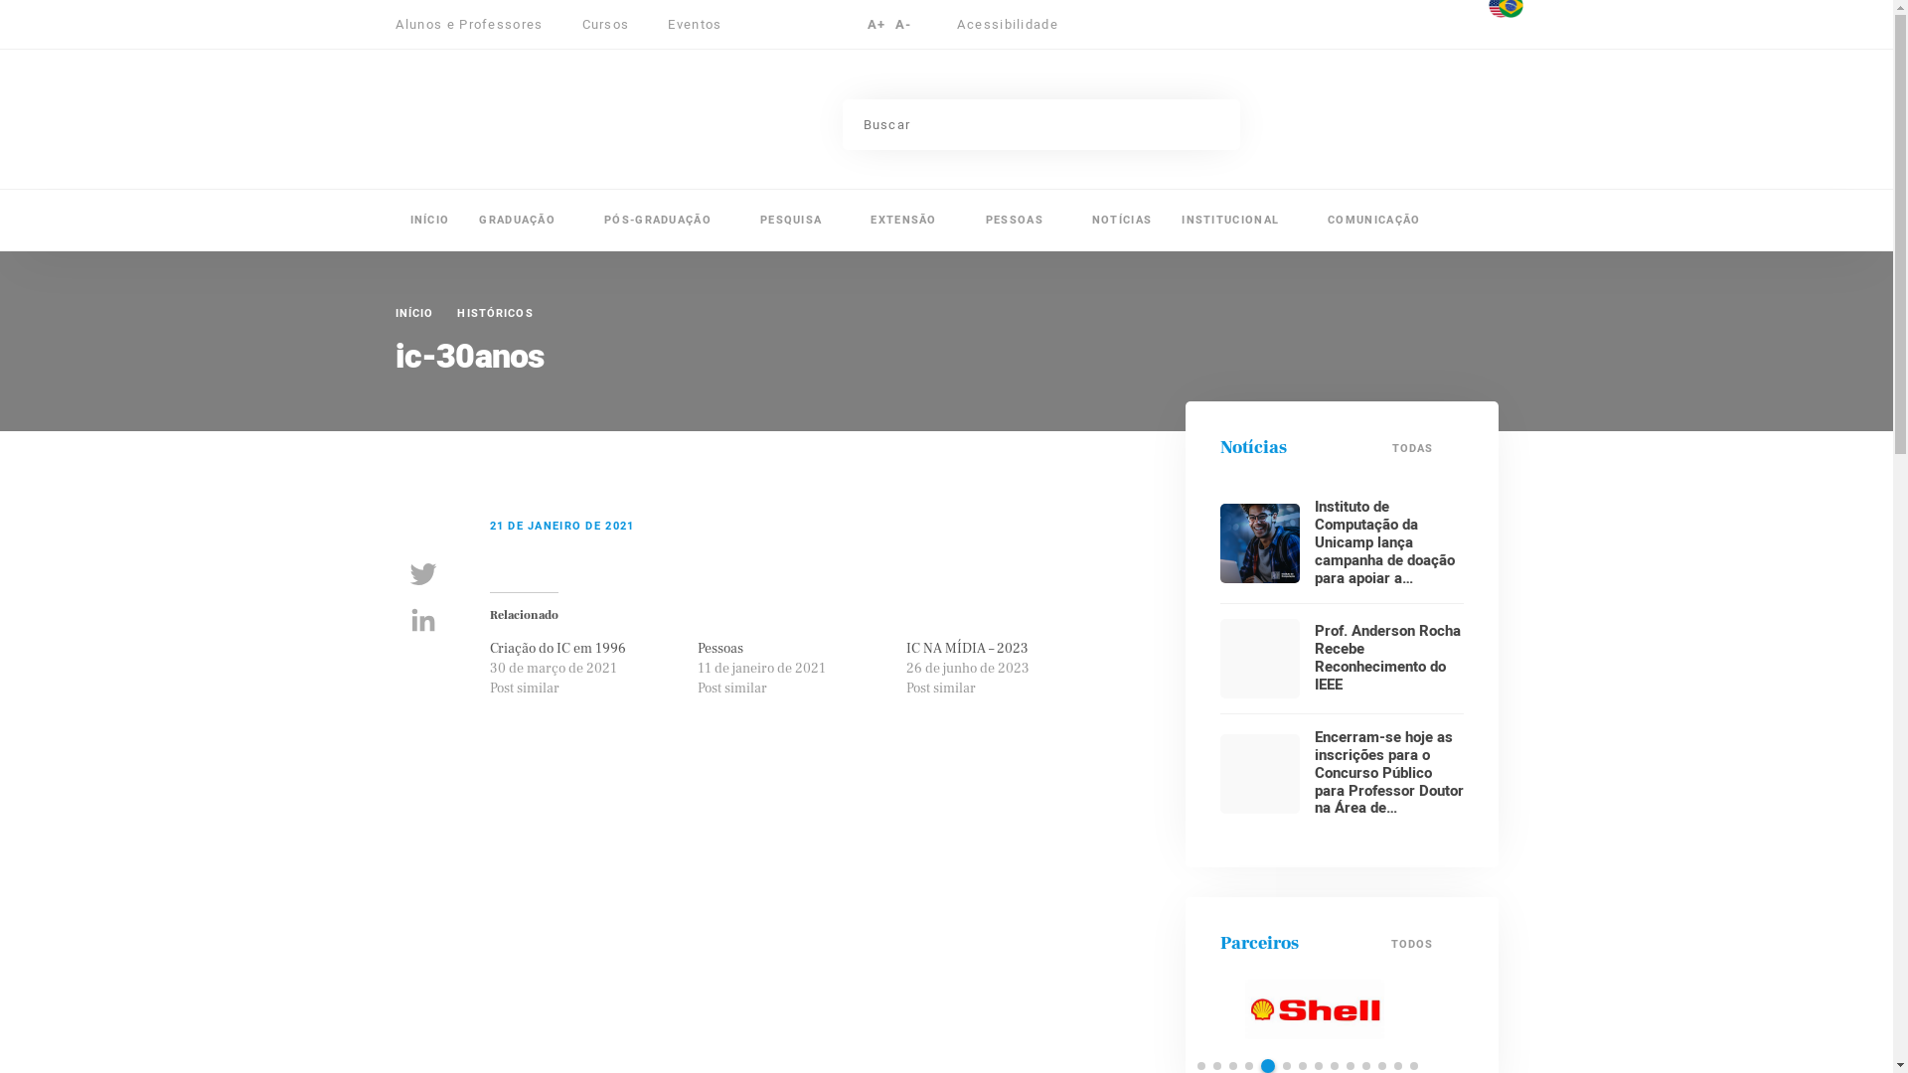 The width and height of the screenshot is (1908, 1073). I want to click on 'Eventos', so click(695, 24).